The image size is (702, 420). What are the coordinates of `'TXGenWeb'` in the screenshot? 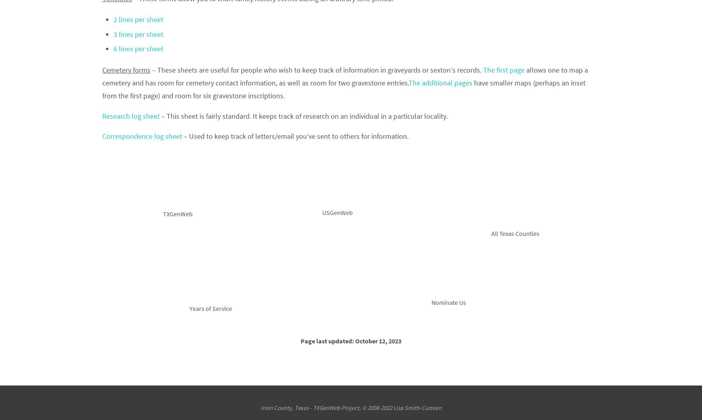 It's located at (177, 214).